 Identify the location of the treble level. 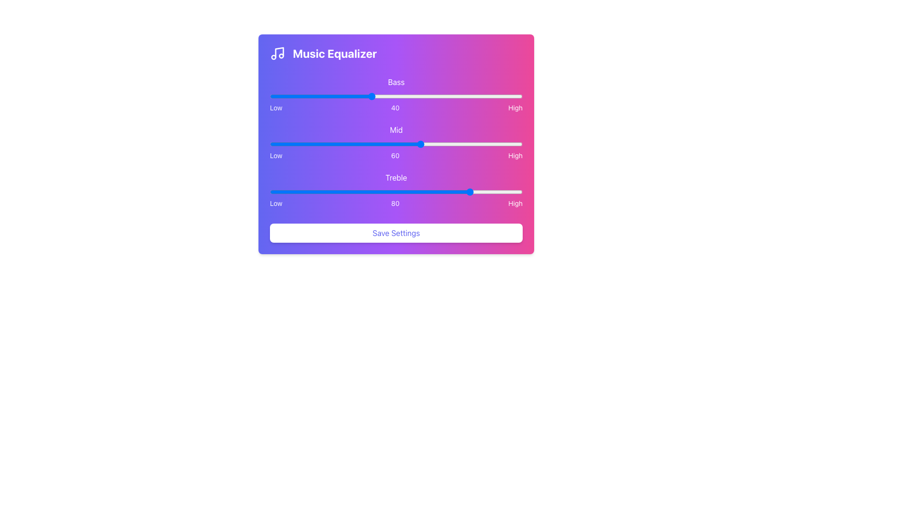
(444, 192).